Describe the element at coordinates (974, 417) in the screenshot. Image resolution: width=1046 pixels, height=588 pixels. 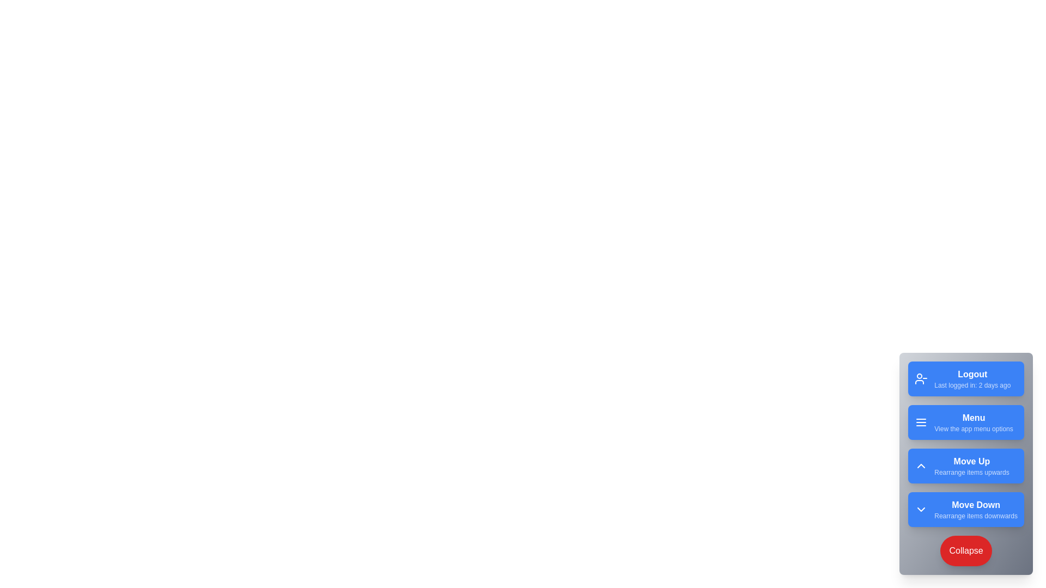
I see `the bold 'Menu' label displayed in white on a blue rectangular button, which is positioned in the second slot below the 'Logout' button and above the 'Move Up' button` at that location.